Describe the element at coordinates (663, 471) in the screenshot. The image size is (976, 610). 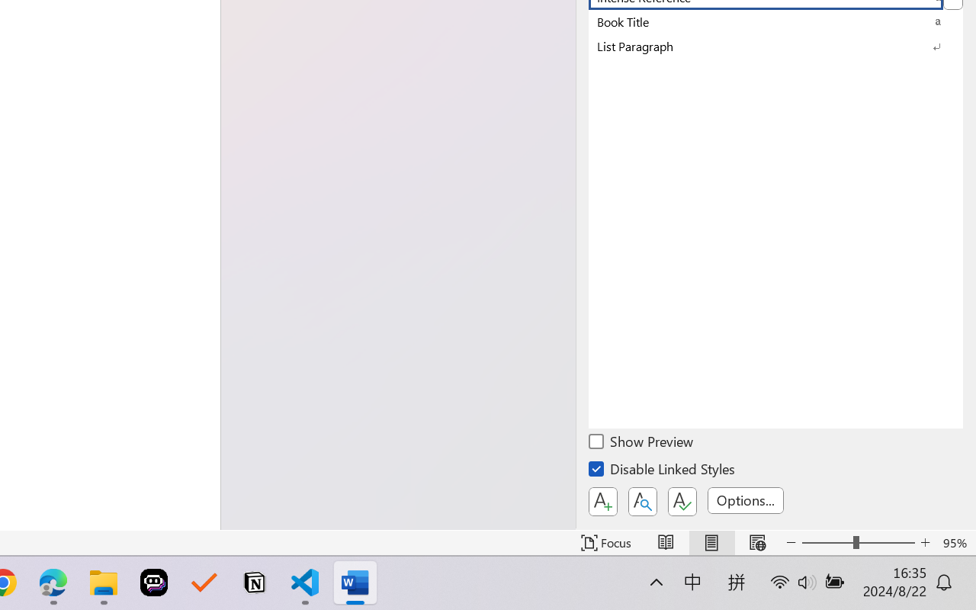
I see `'Disable Linked Styles'` at that location.